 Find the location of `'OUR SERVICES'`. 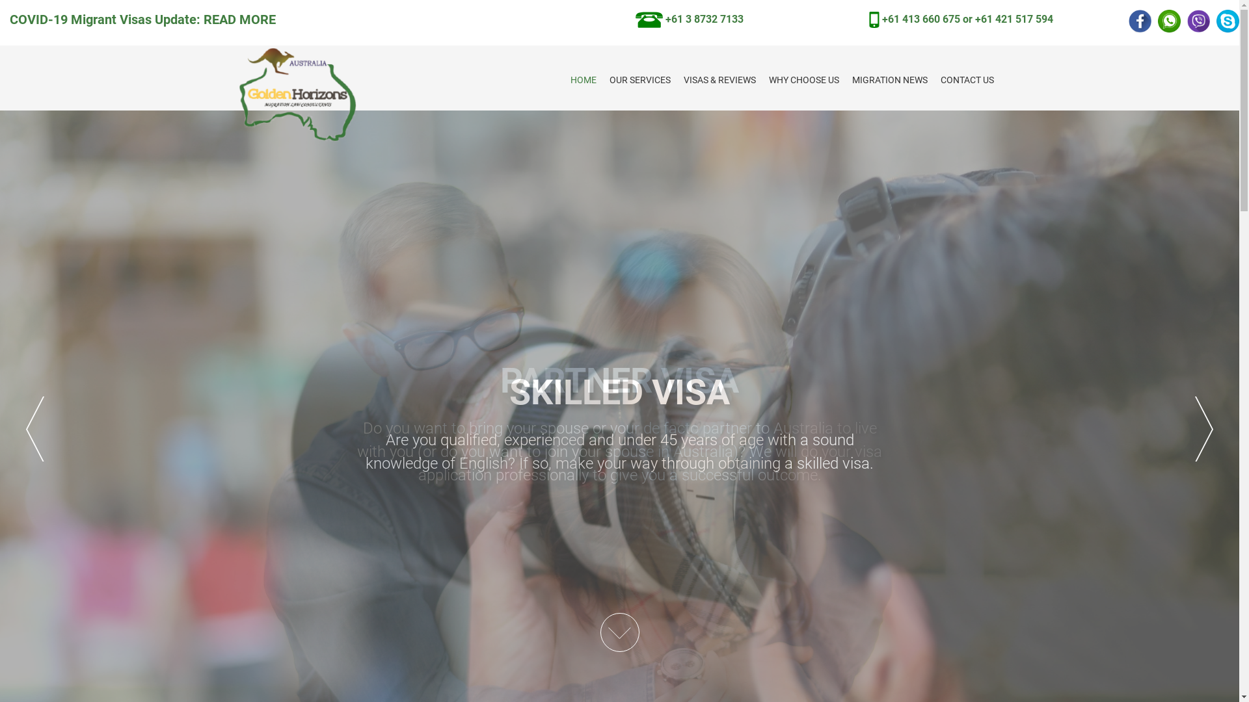

'OUR SERVICES' is located at coordinates (639, 80).